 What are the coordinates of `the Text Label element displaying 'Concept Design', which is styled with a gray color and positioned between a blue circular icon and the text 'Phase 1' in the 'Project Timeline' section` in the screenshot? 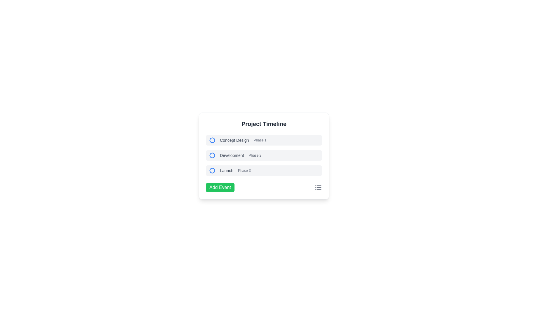 It's located at (234, 140).